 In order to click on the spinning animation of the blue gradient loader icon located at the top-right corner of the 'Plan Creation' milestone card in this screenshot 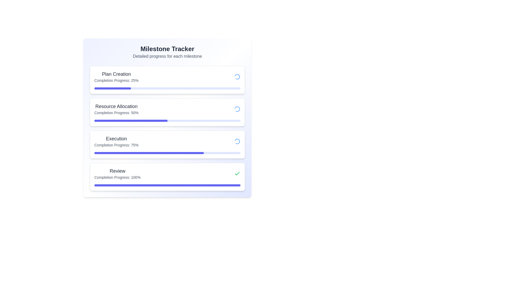, I will do `click(237, 77)`.